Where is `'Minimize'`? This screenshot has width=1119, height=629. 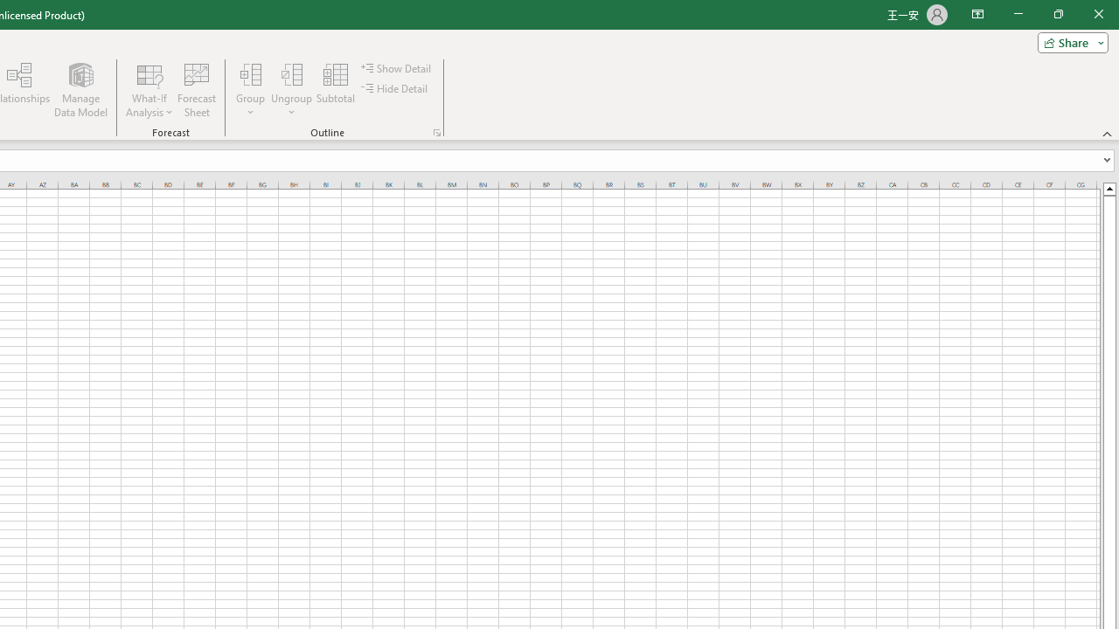
'Minimize' is located at coordinates (1018, 14).